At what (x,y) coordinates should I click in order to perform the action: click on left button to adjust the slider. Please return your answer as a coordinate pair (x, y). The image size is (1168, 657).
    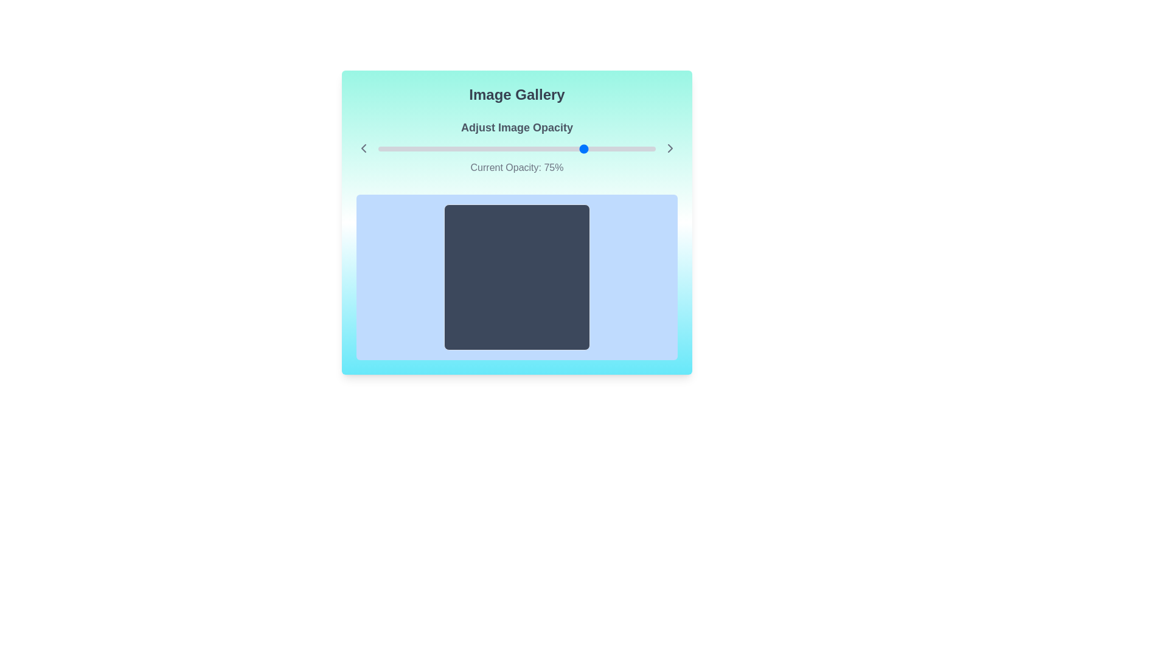
    Looking at the image, I should click on (363, 147).